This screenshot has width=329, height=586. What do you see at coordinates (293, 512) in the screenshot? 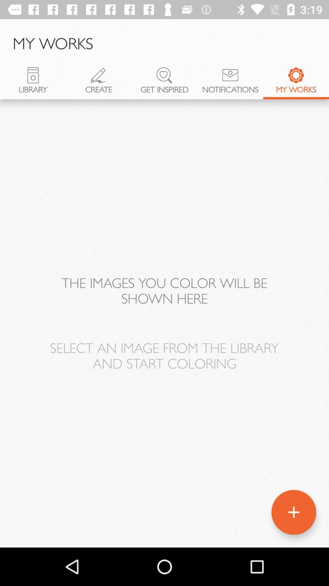
I see `the icon at the bottom right corner` at bounding box center [293, 512].